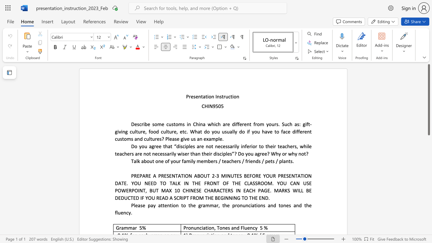 The image size is (432, 243). I want to click on the right-hand scrollbar to descend the page, so click(428, 152).